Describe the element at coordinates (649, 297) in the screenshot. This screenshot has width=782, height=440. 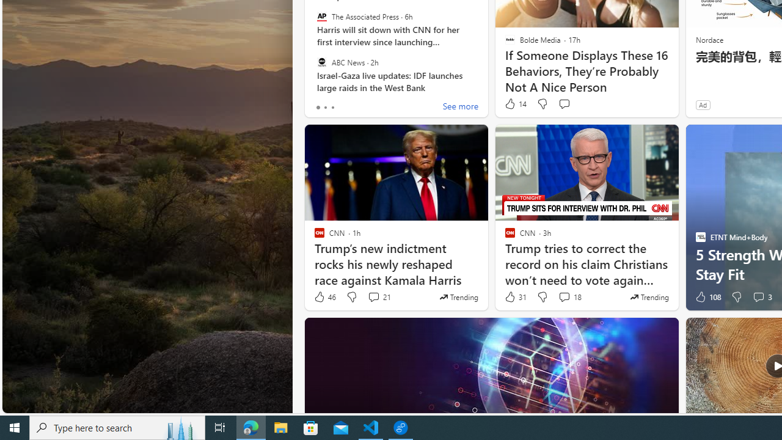
I see `'This story is trending'` at that location.